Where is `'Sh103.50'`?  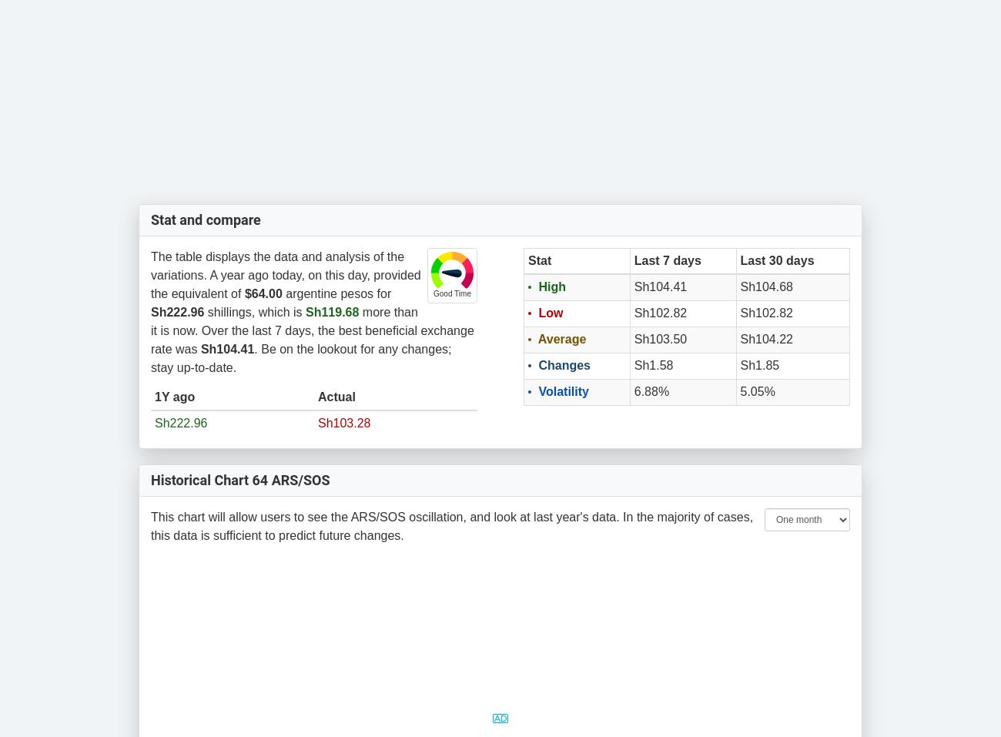 'Sh103.50' is located at coordinates (634, 338).